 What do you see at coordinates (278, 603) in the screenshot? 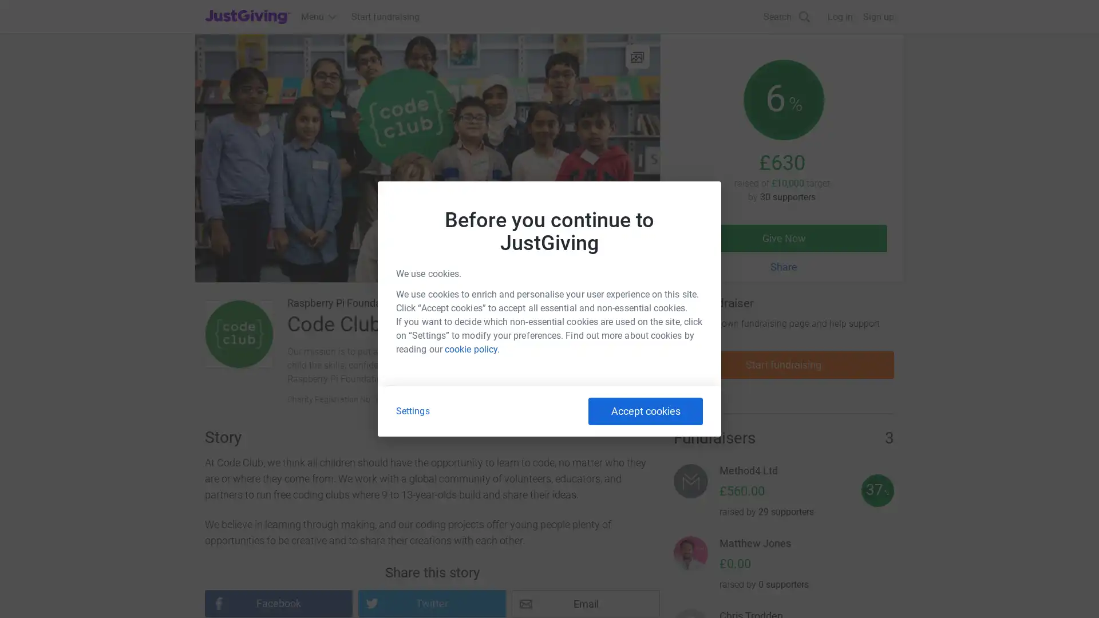
I see `Facebook` at bounding box center [278, 603].